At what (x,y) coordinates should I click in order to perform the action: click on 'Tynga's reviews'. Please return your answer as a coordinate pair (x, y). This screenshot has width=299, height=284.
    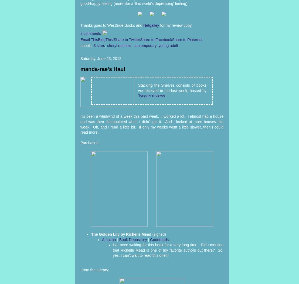
    Looking at the image, I should click on (151, 96).